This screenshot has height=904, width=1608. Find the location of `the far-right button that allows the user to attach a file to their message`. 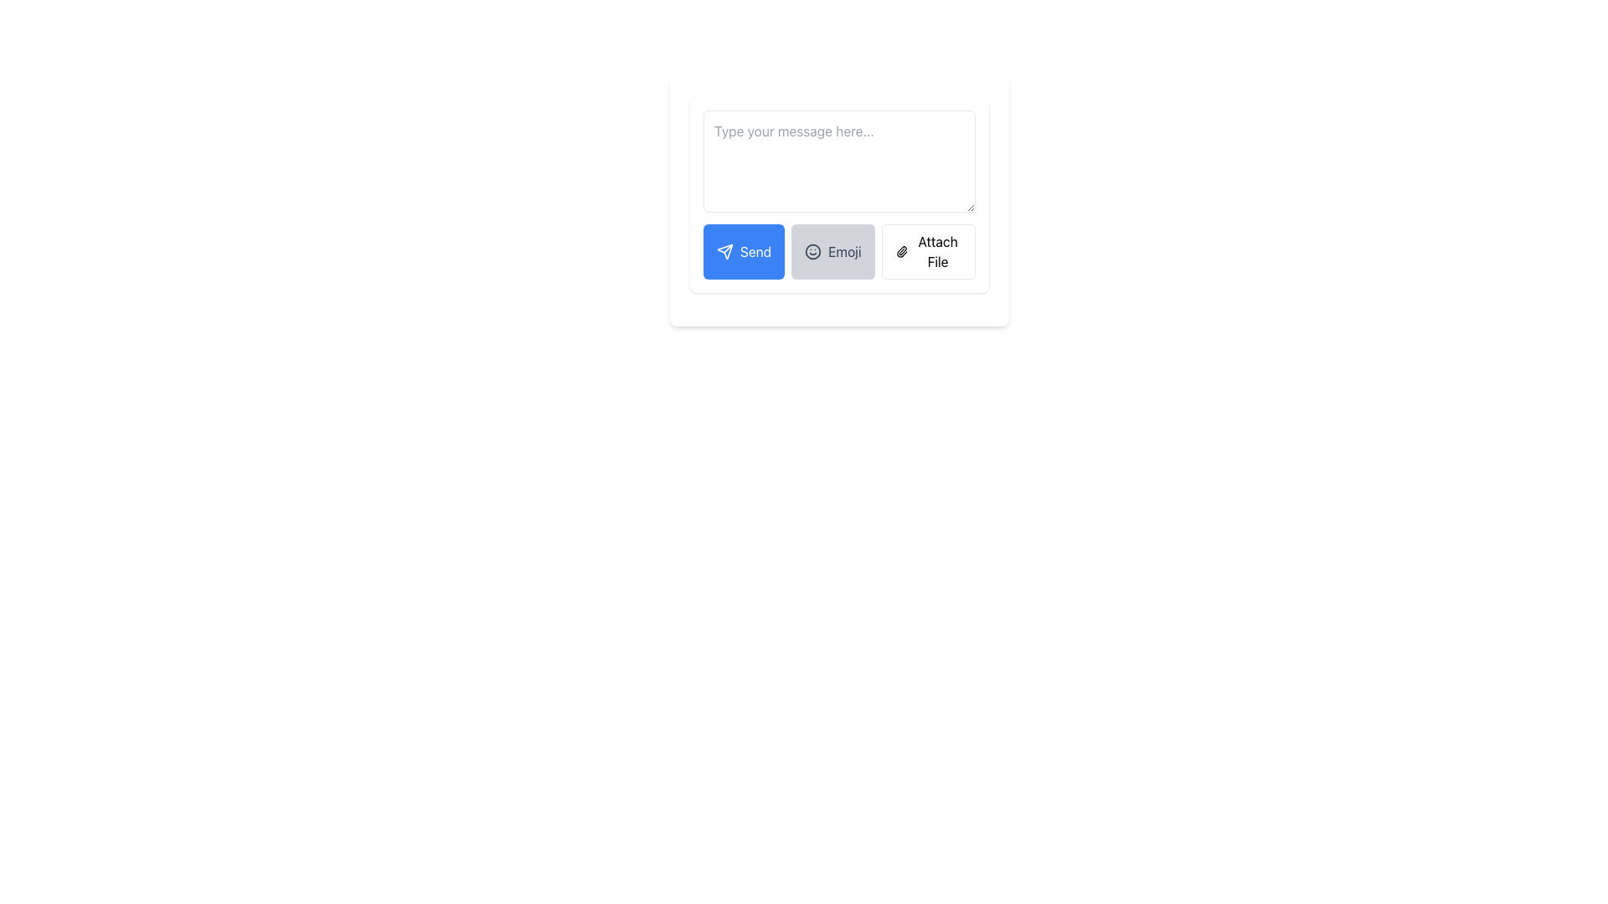

the far-right button that allows the user to attach a file to their message is located at coordinates (927, 251).